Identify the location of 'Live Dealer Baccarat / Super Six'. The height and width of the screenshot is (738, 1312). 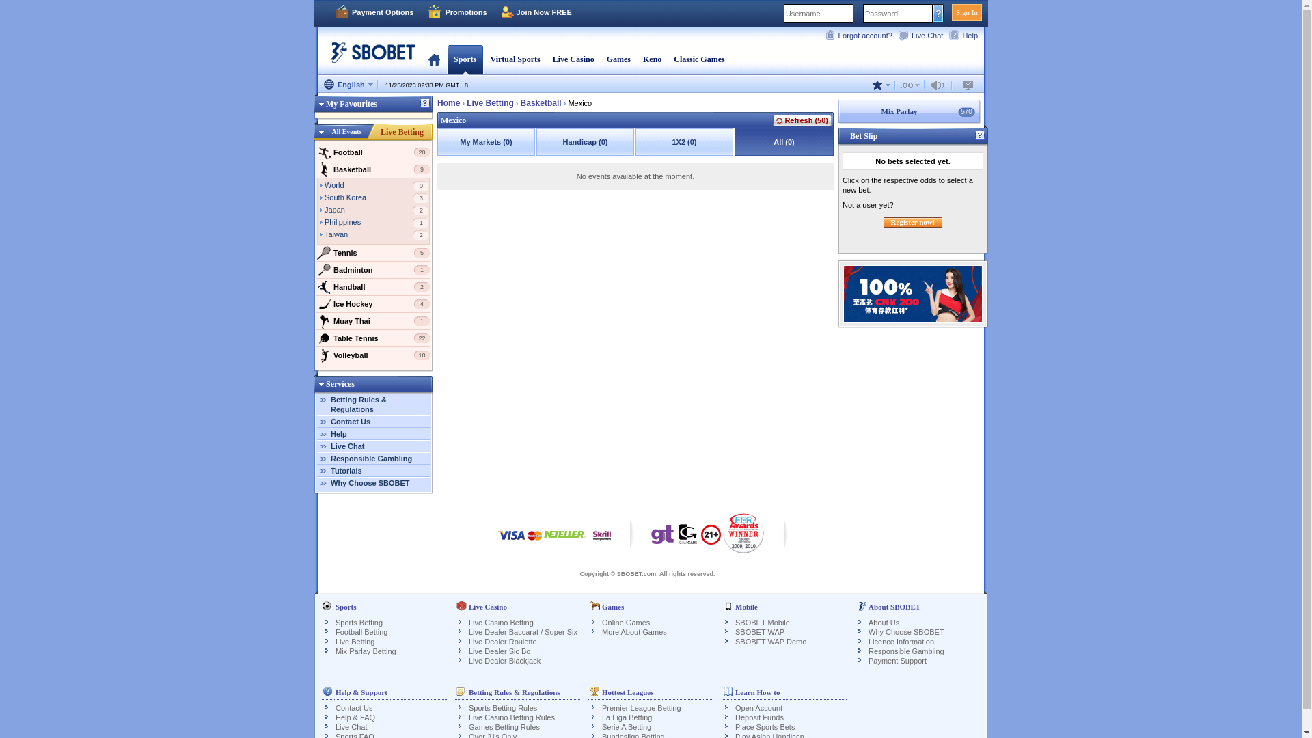
(522, 632).